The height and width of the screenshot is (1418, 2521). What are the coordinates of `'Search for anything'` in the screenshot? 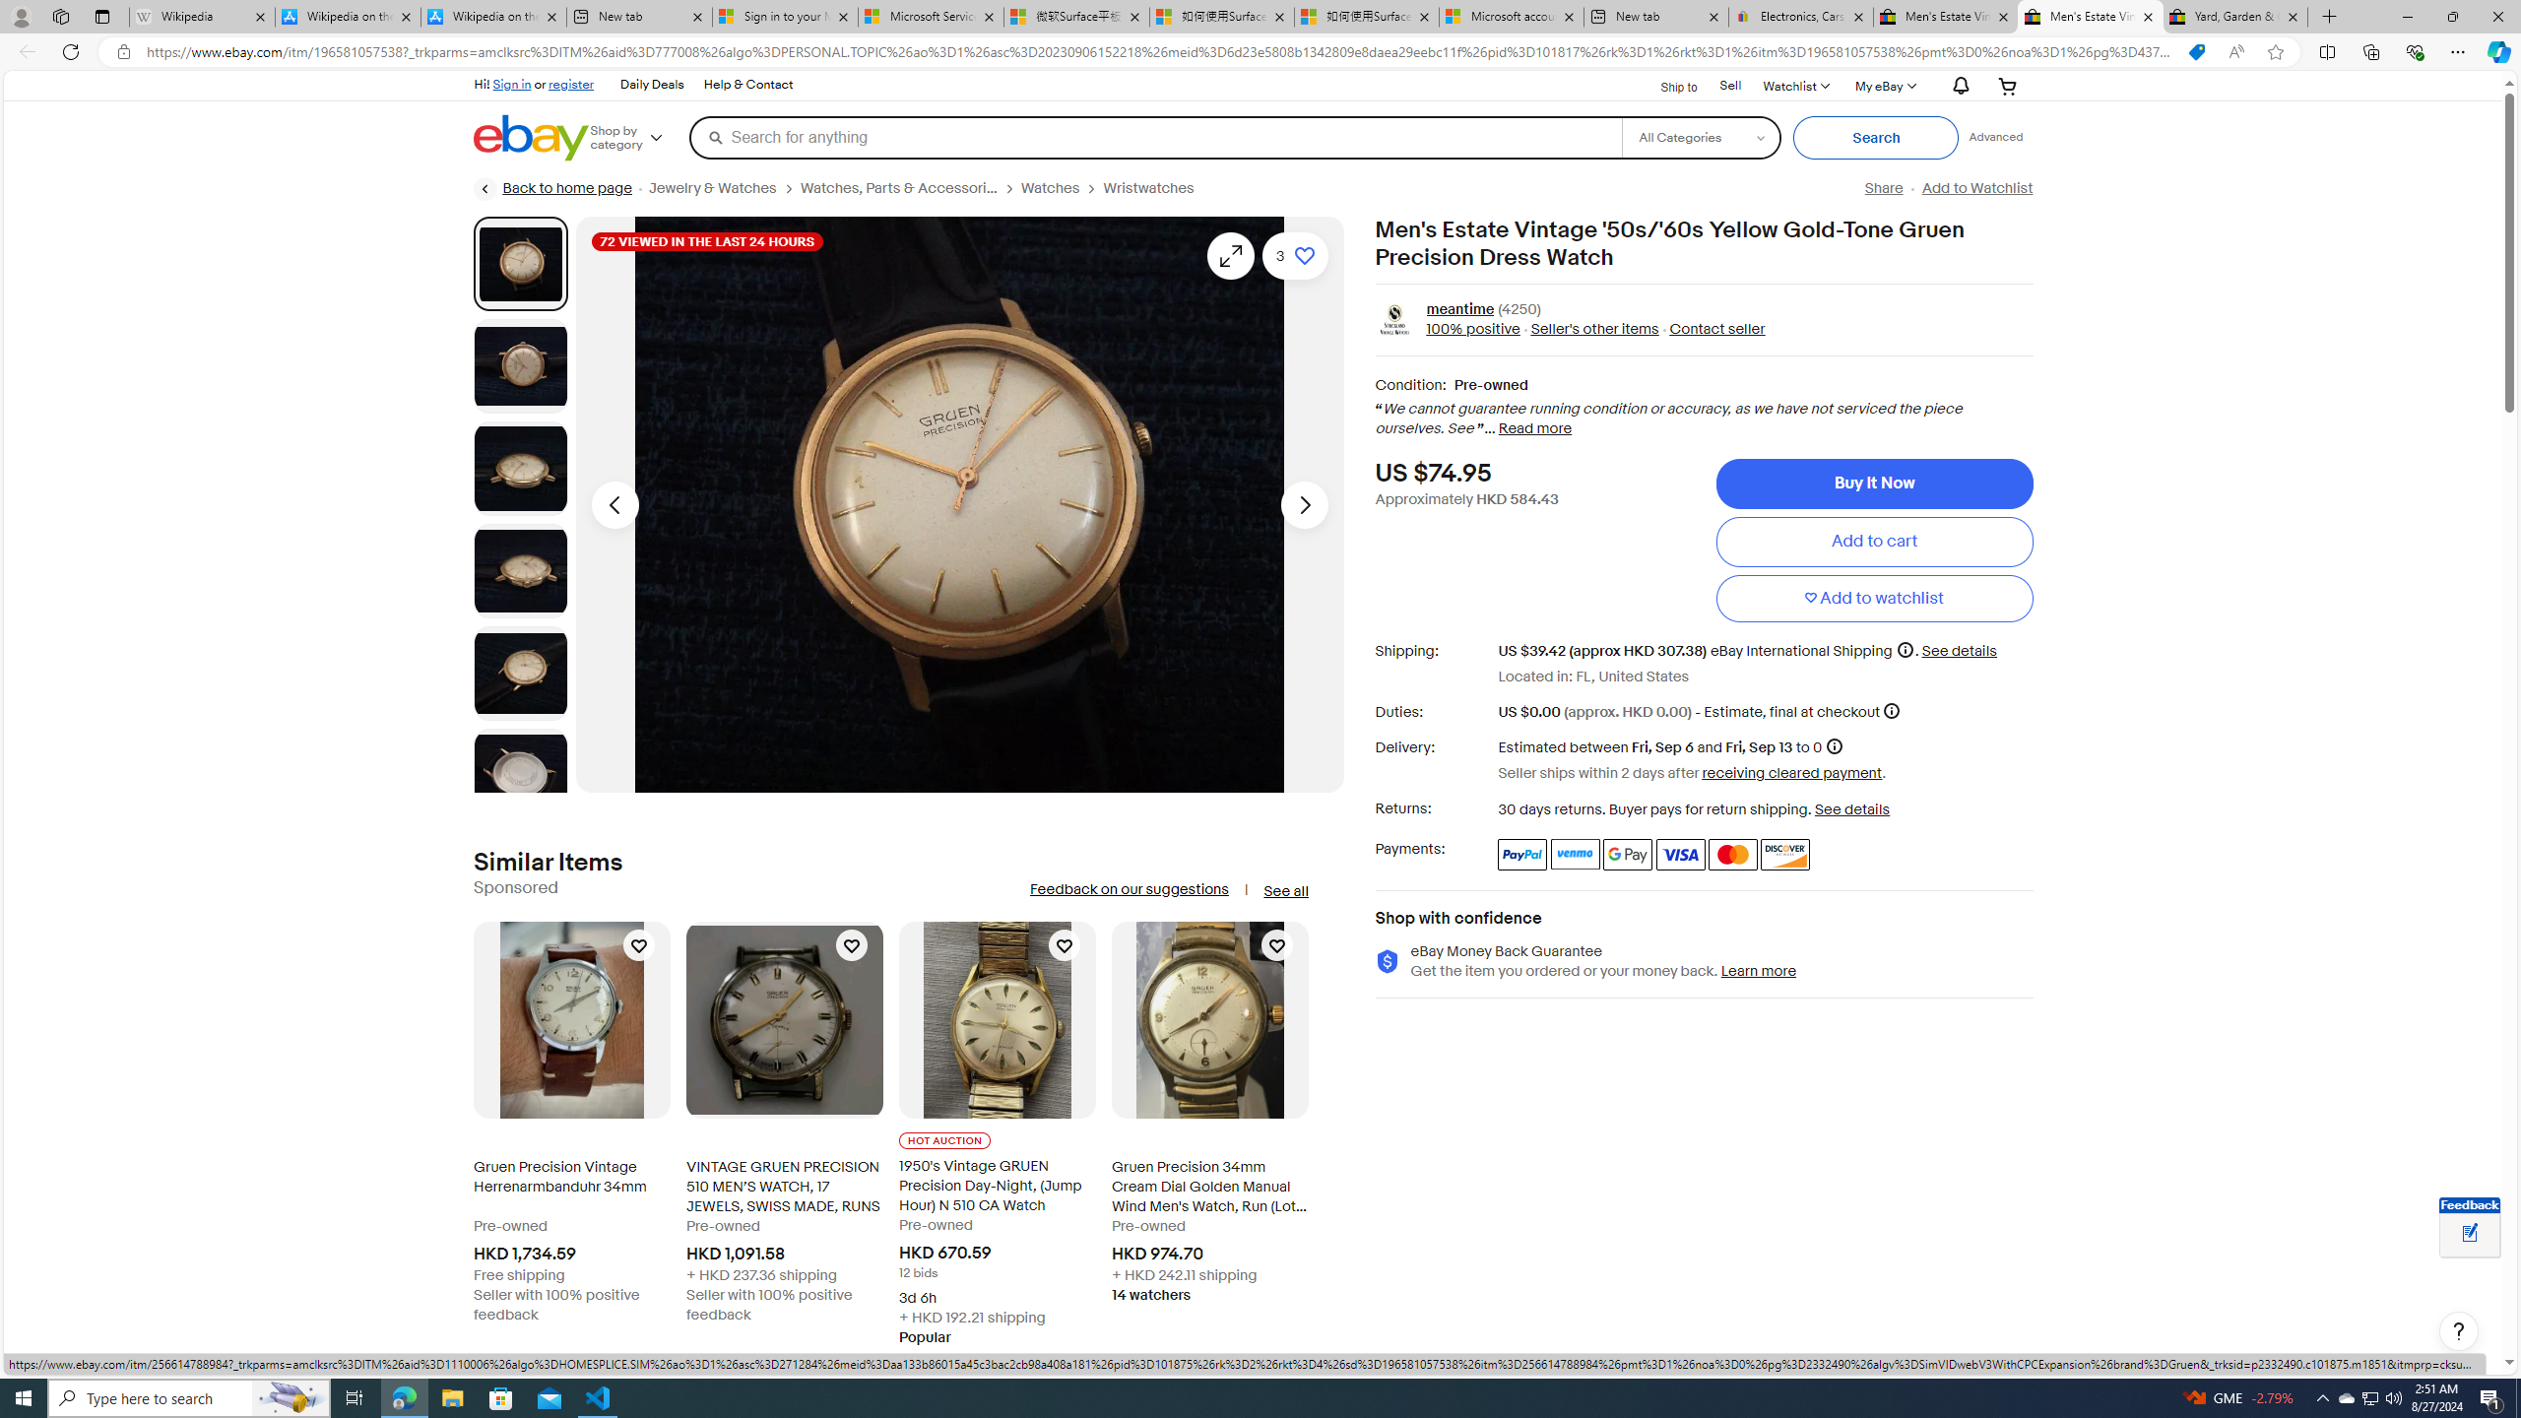 It's located at (1153, 136).